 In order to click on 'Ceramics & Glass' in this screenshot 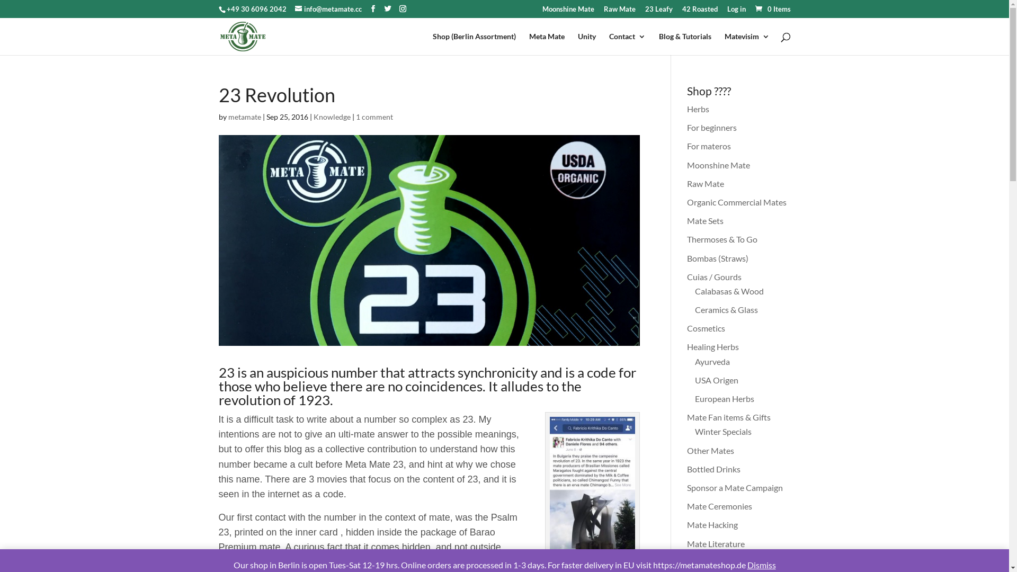, I will do `click(694, 309)`.